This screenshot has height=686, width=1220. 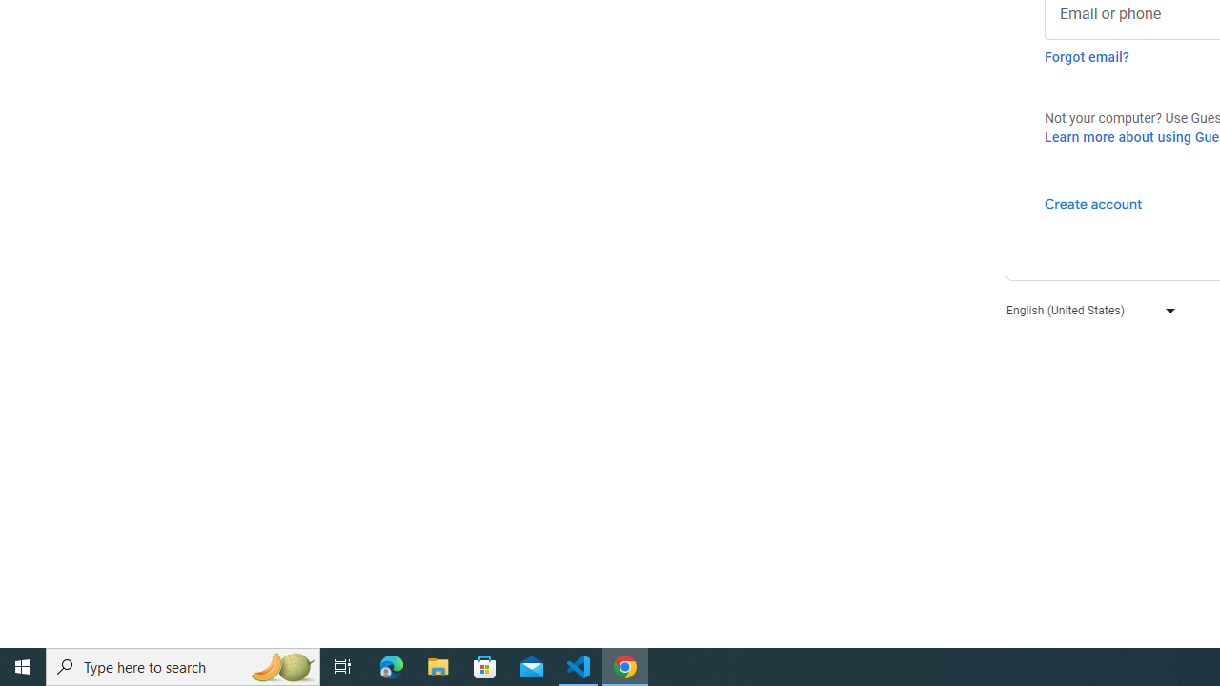 What do you see at coordinates (1092, 203) in the screenshot?
I see `'Create account'` at bounding box center [1092, 203].